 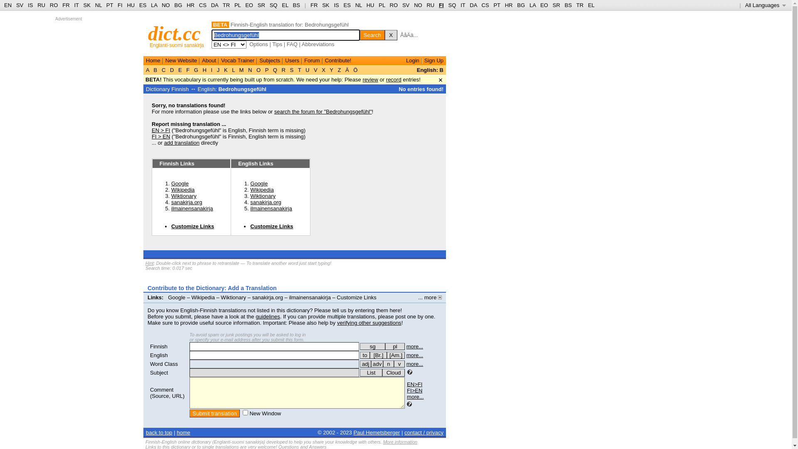 I want to click on 'BG', so click(x=178, y=5).